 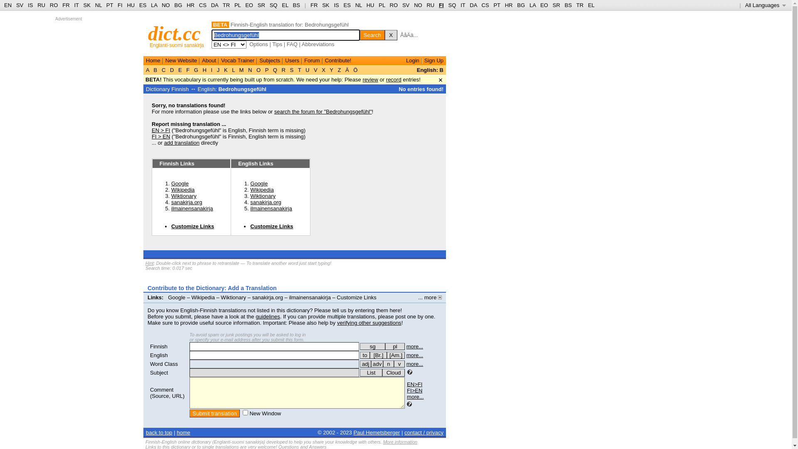 I want to click on 'BG', so click(x=178, y=5).